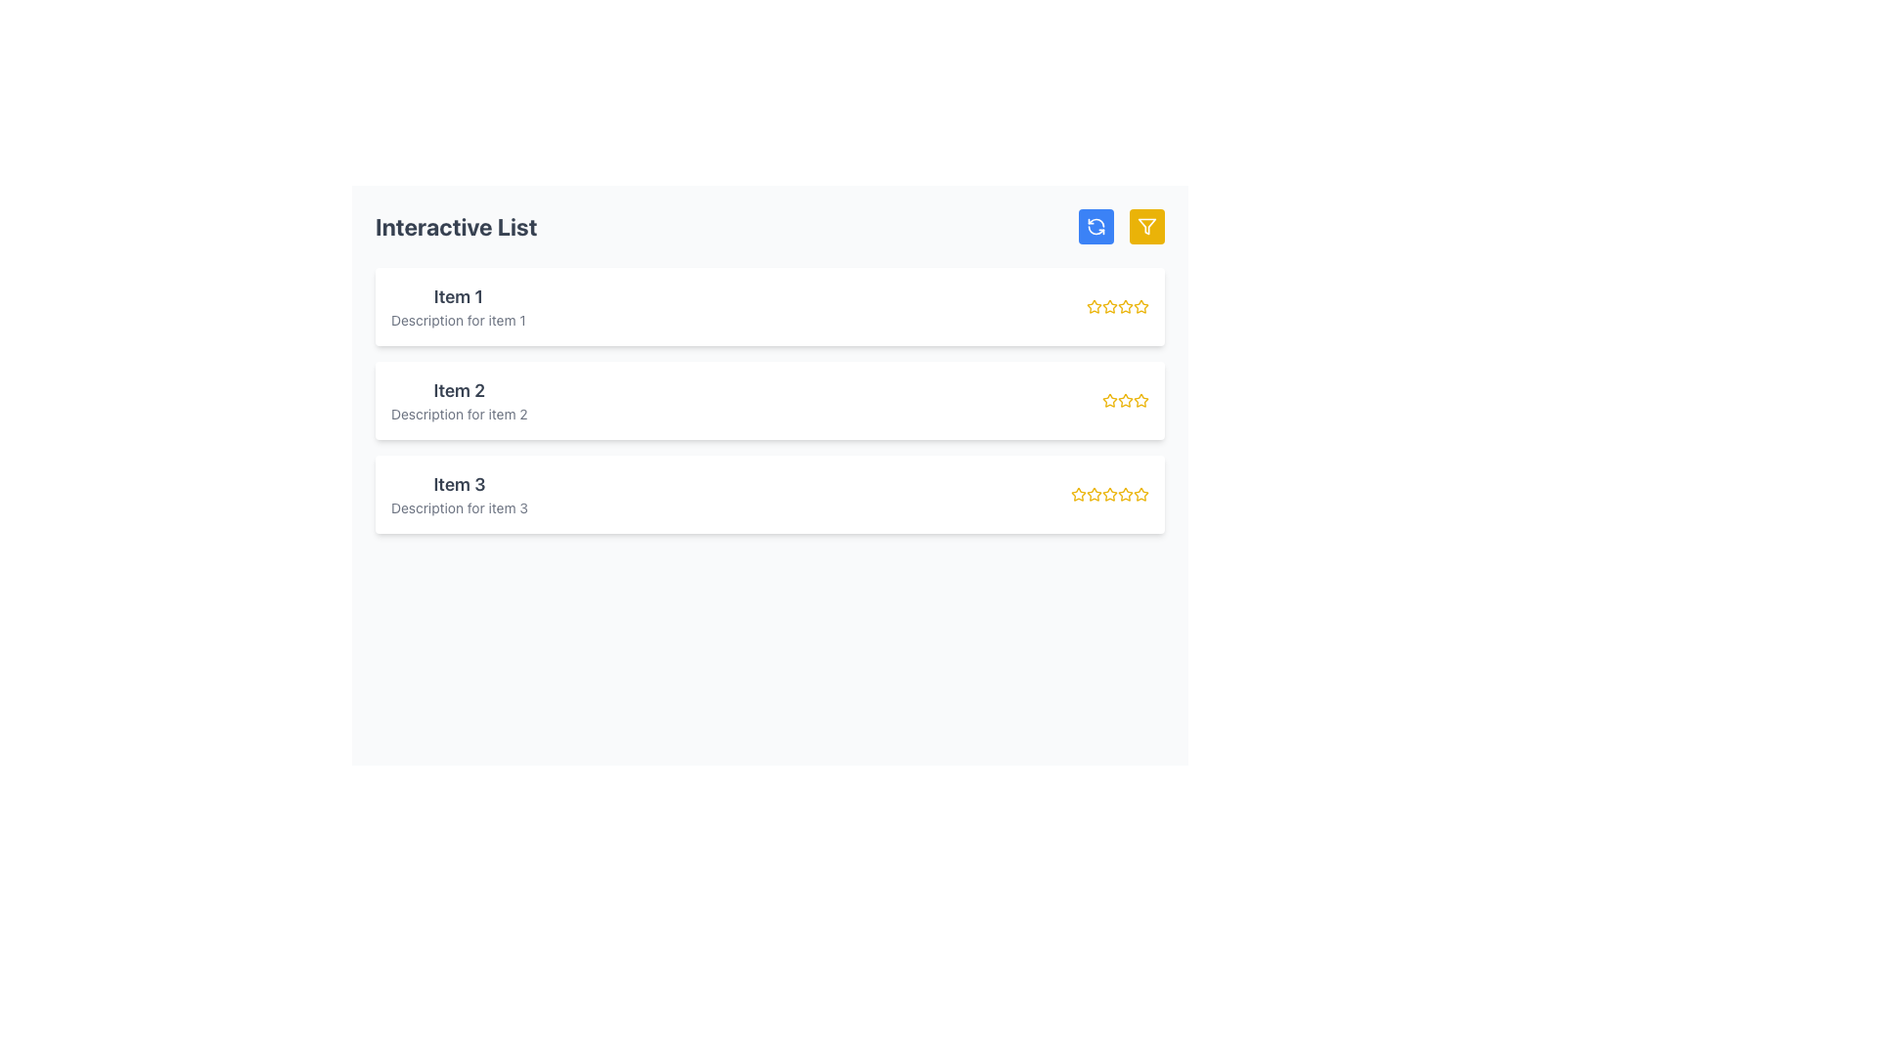 The image size is (1878, 1056). I want to click on the filter button located at the top-right corner of the interface, which is the second button in a horizontal group of two, to apply or modify filters, so click(1146, 225).